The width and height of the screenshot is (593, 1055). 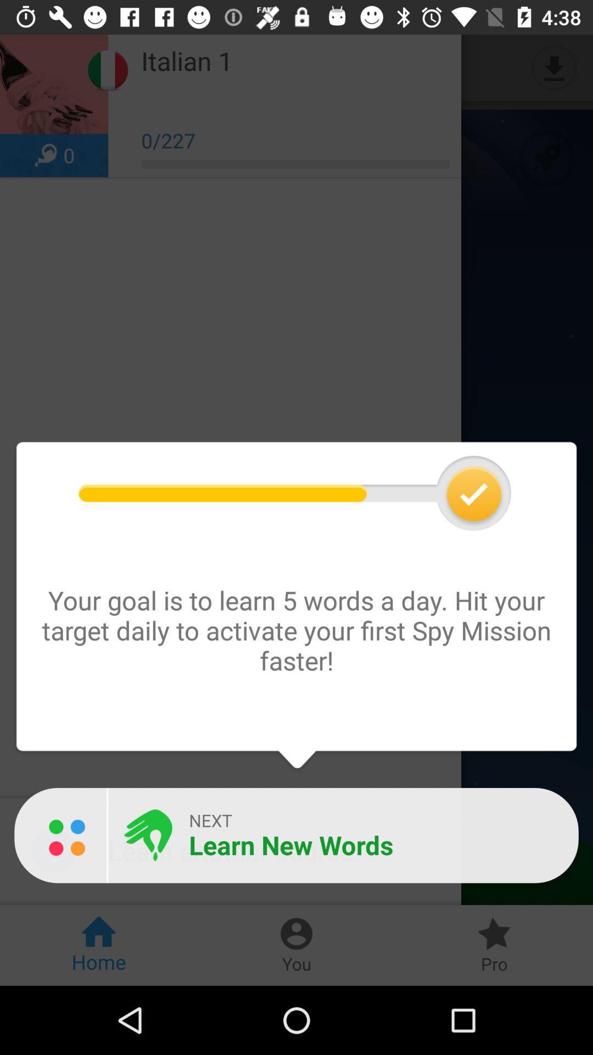 I want to click on the arrow_forward icon, so click(x=31, y=67).